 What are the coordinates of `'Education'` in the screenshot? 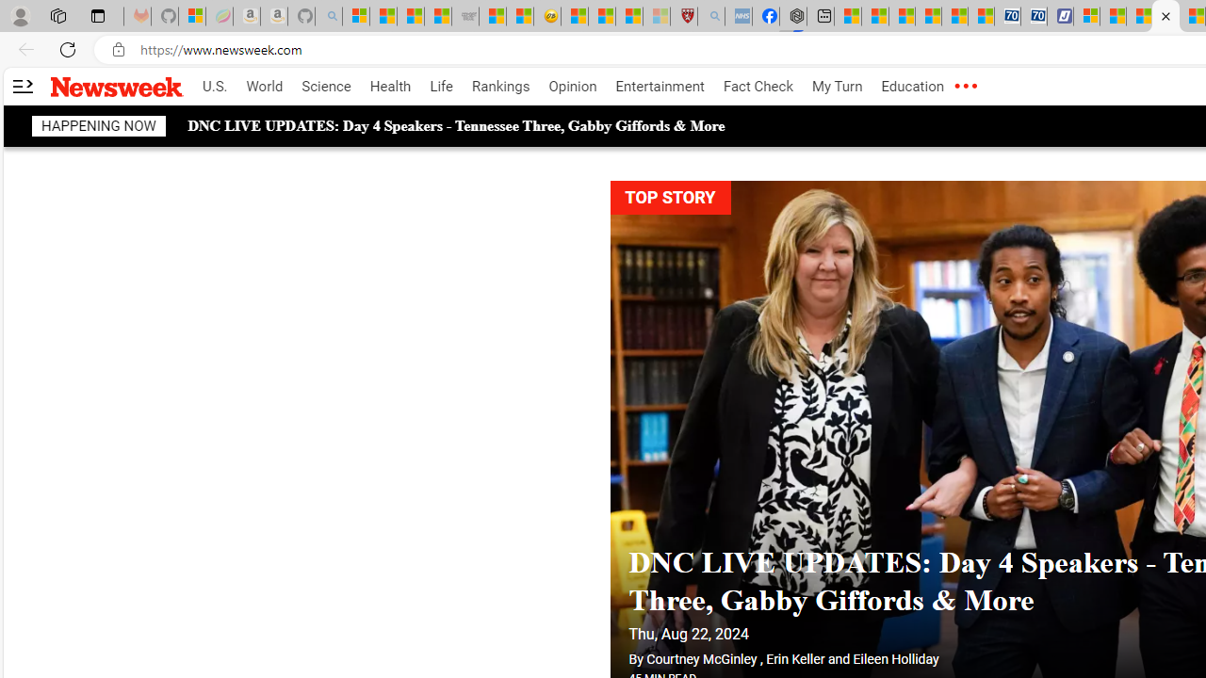 It's located at (912, 87).